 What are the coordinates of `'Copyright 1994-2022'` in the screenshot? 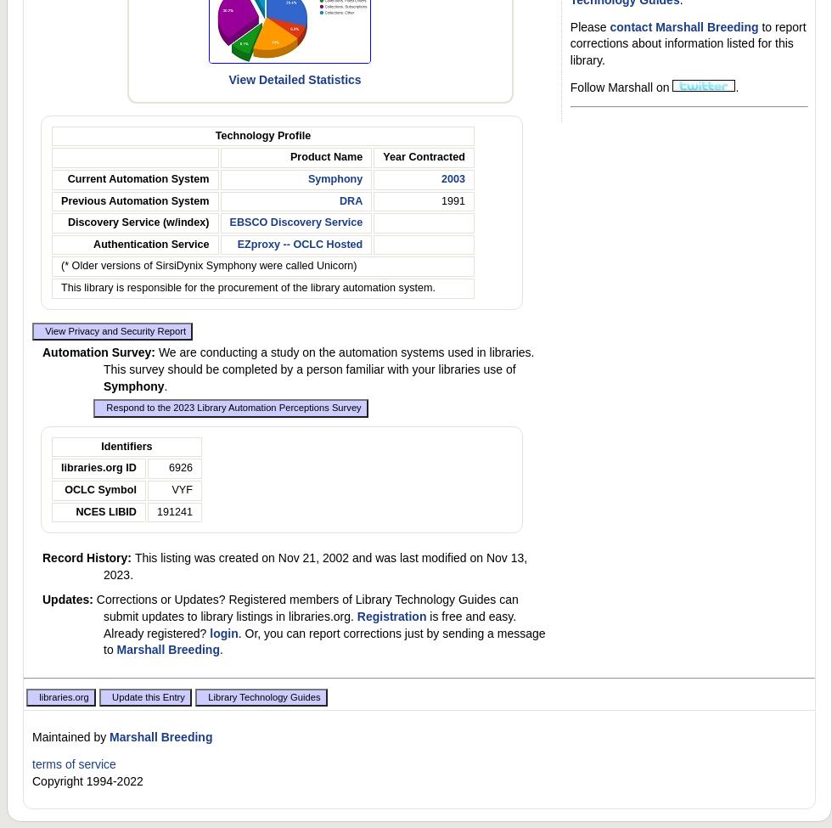 It's located at (87, 780).